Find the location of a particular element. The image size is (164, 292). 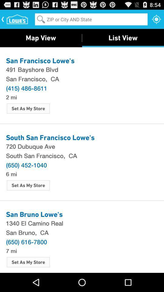

the item above san bruno,  ca item is located at coordinates (82, 223).